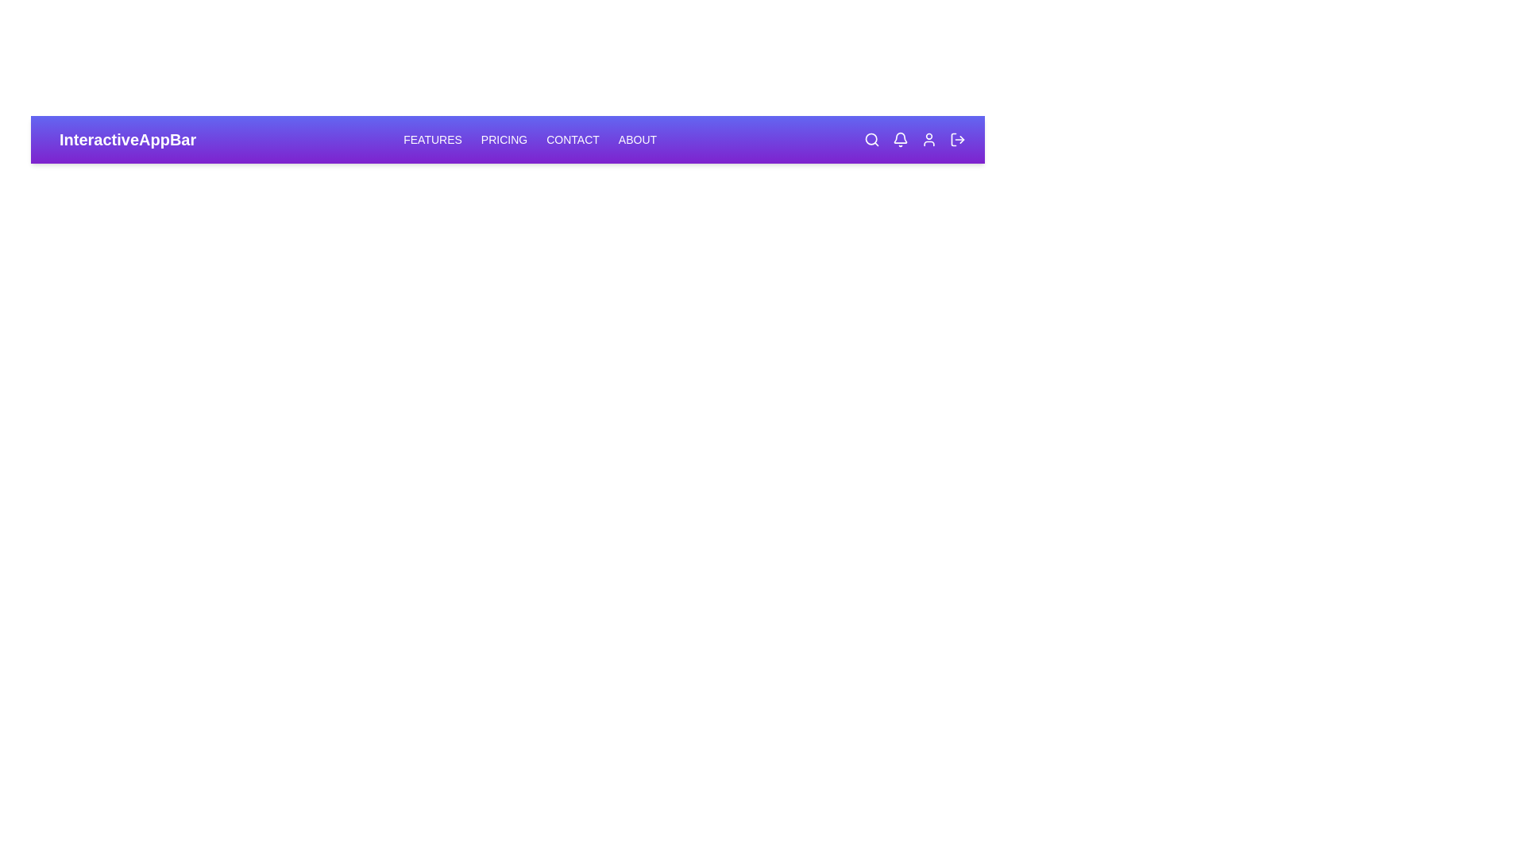 This screenshot has height=858, width=1525. What do you see at coordinates (122, 139) in the screenshot?
I see `the text 'InteractiveAppBar' to select it` at bounding box center [122, 139].